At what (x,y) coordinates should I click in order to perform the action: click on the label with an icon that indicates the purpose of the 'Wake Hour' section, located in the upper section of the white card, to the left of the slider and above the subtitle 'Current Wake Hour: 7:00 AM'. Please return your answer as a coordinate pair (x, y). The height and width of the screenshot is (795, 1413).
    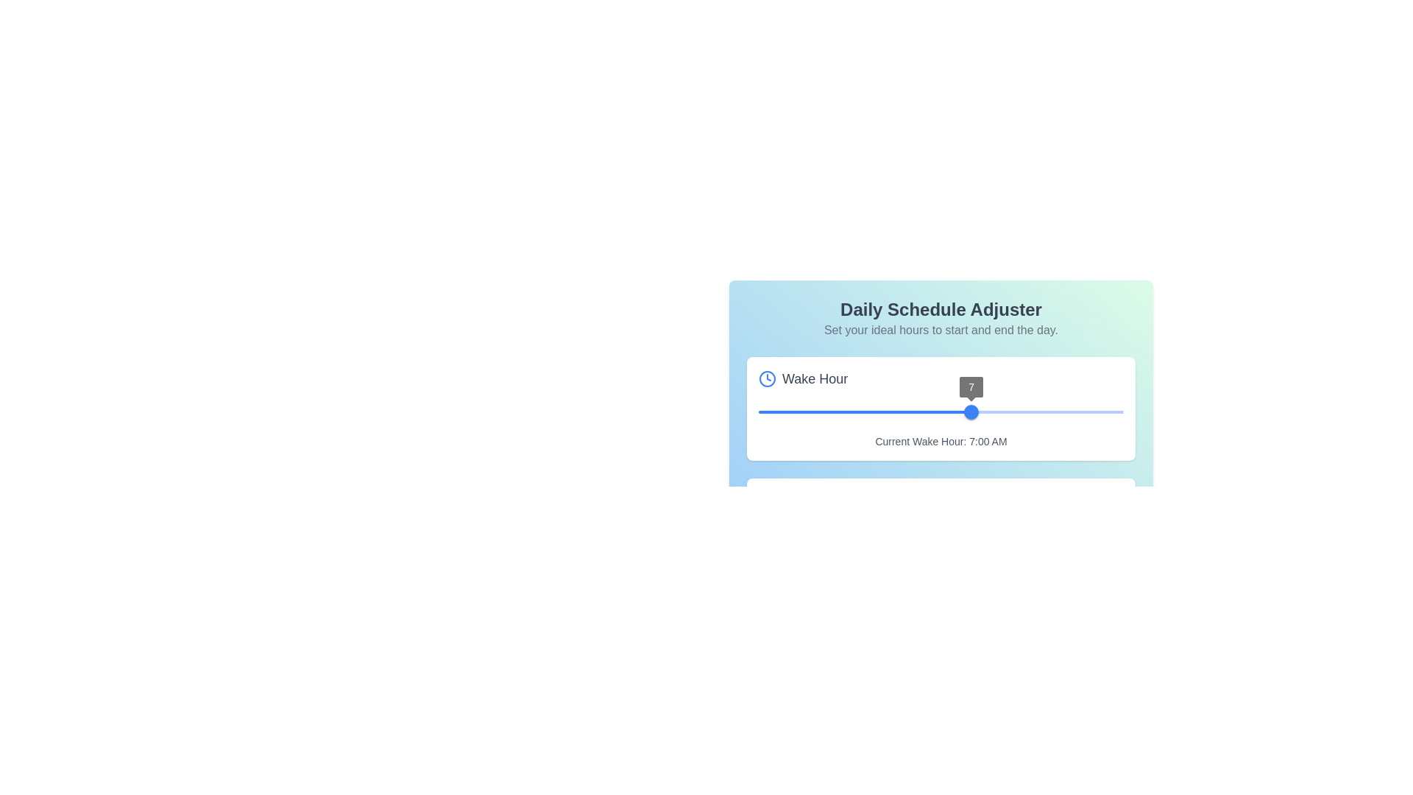
    Looking at the image, I should click on (940, 378).